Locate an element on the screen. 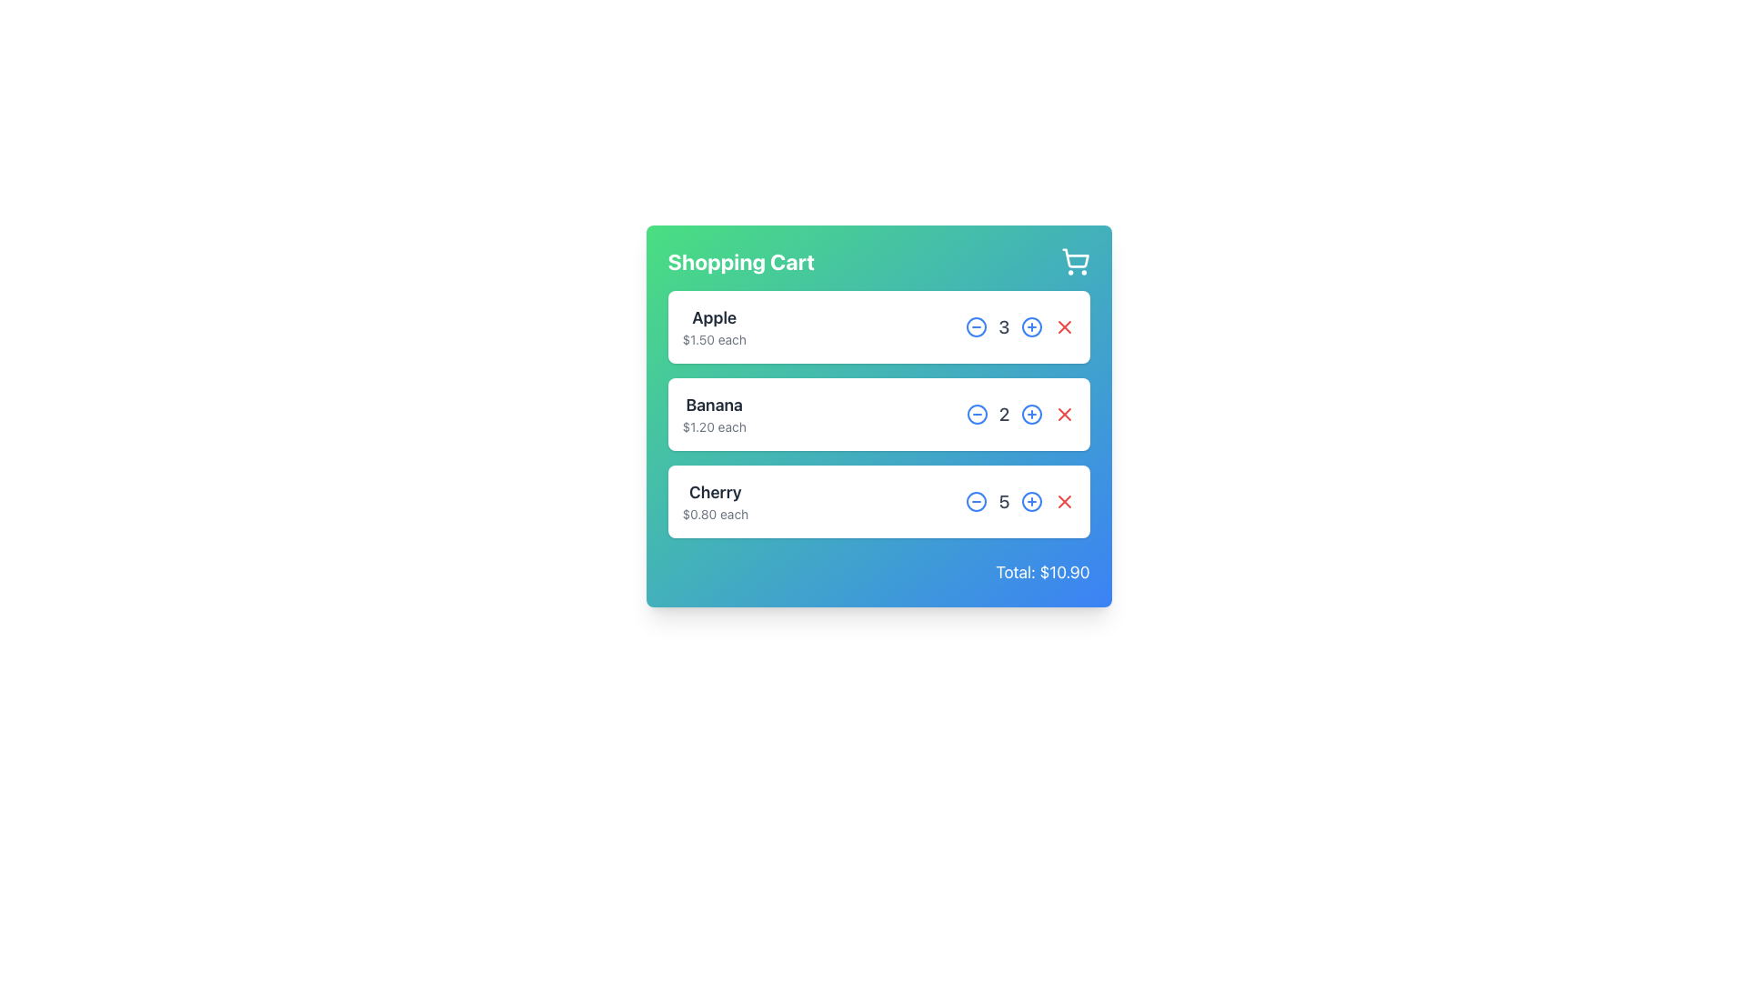 Image resolution: width=1746 pixels, height=982 pixels. the increment button for the item quantity in the shopping cart is located at coordinates (1031, 414).